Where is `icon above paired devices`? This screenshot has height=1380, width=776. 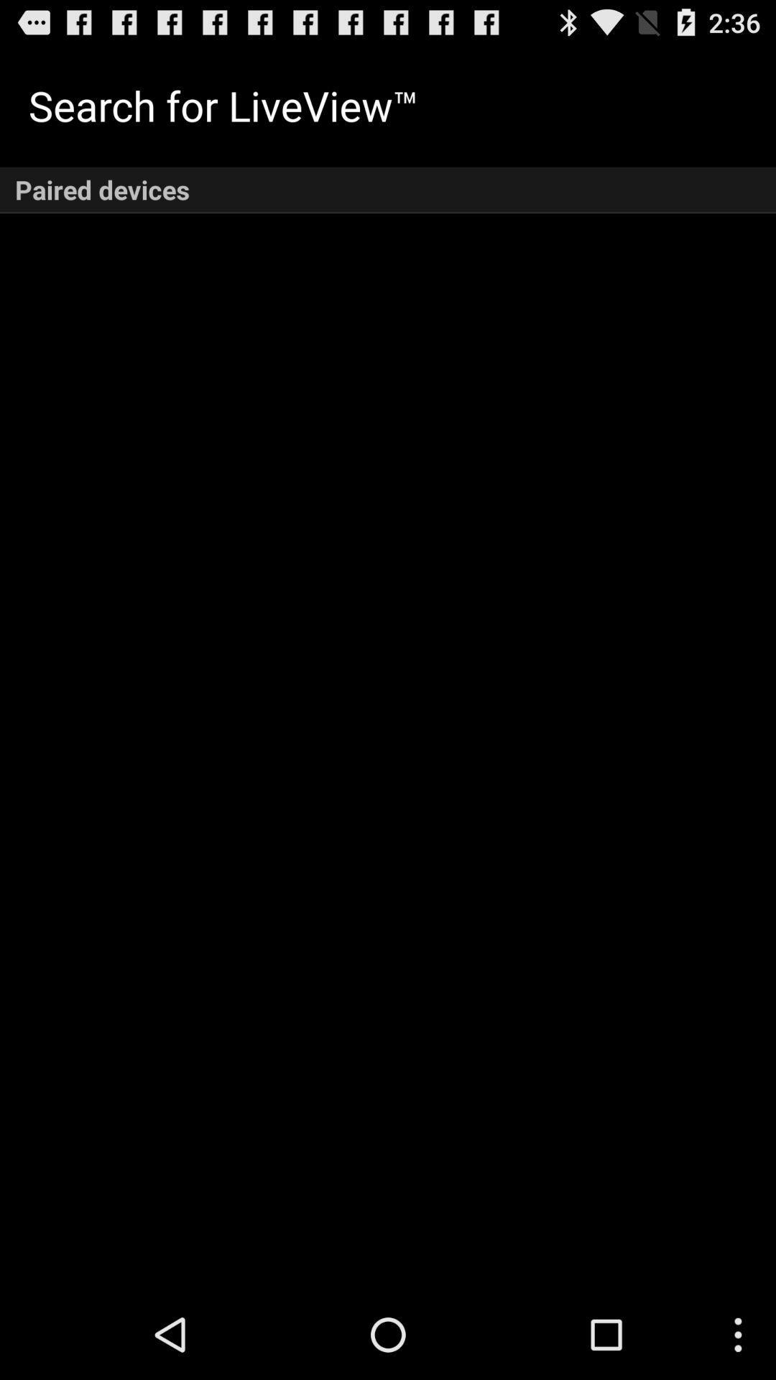 icon above paired devices is located at coordinates (223, 104).